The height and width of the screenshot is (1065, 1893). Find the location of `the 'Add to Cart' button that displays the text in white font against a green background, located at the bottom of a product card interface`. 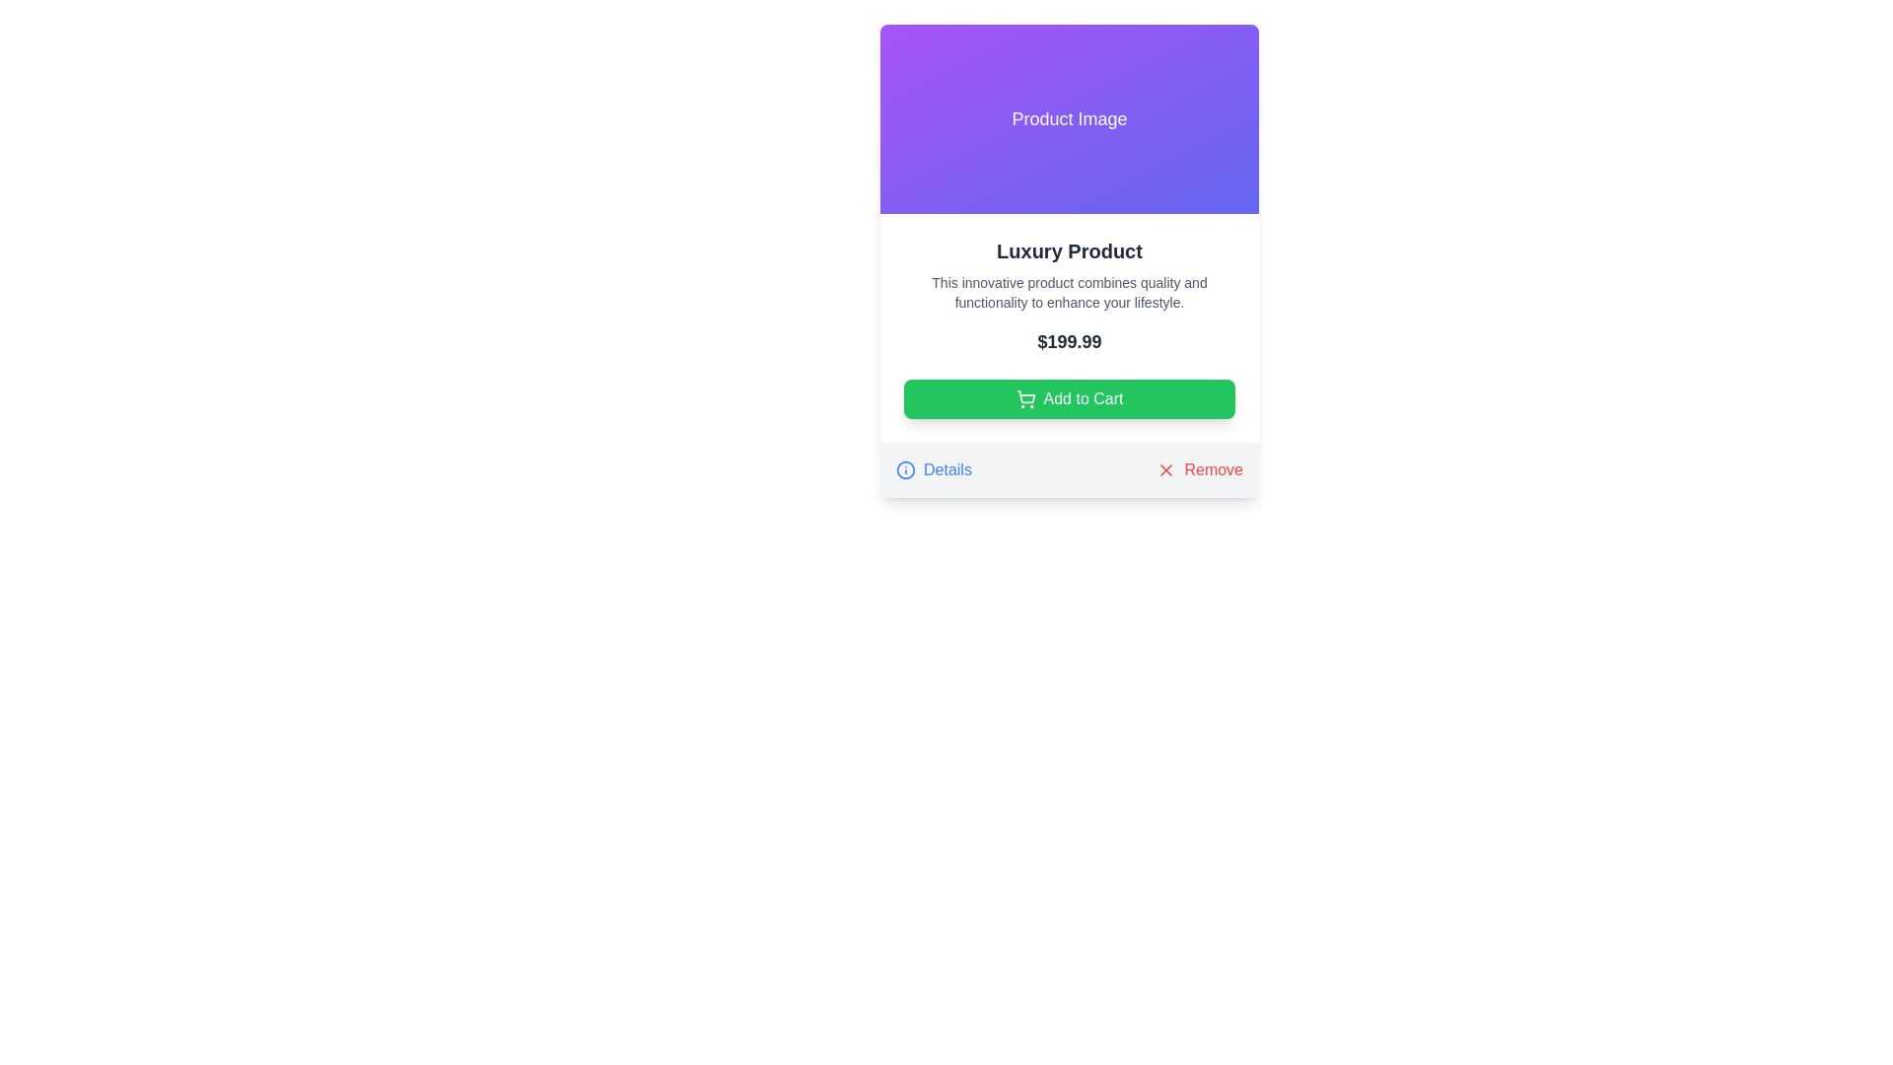

the 'Add to Cart' button that displays the text in white font against a green background, located at the bottom of a product card interface is located at coordinates (1083, 399).